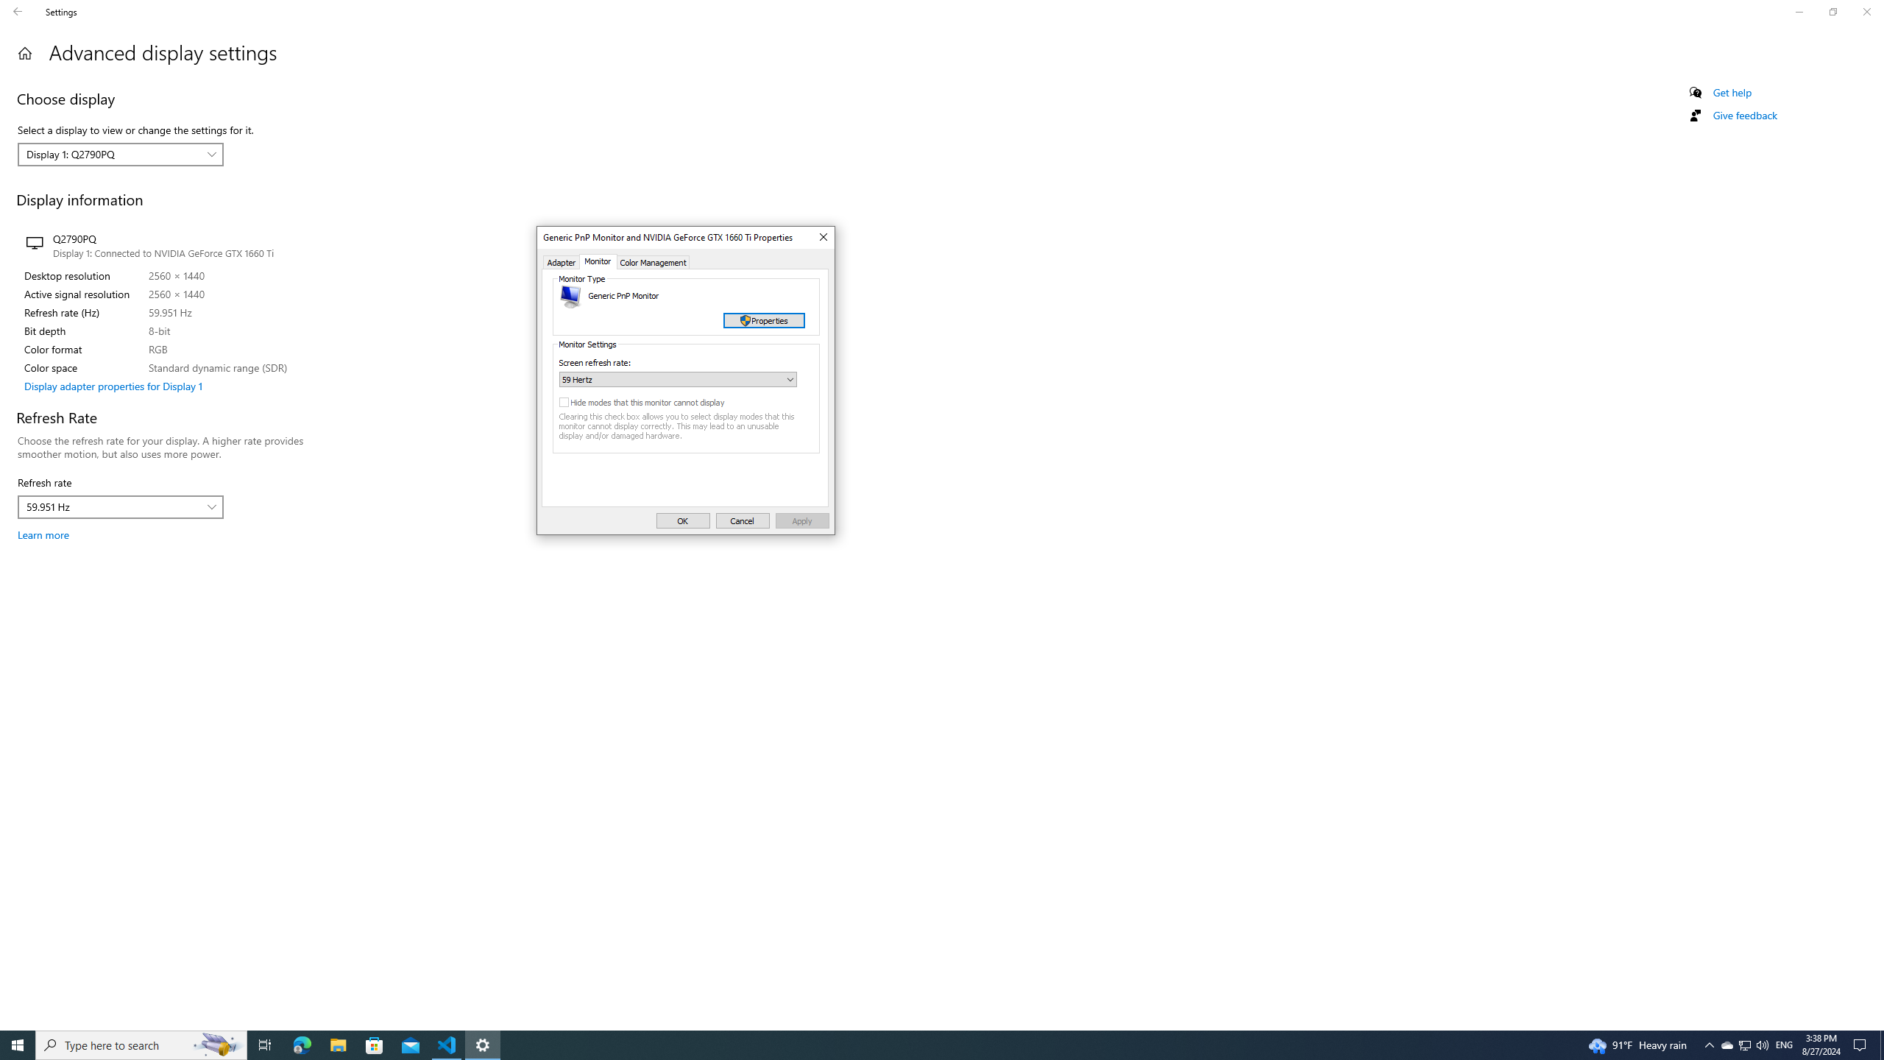  I want to click on 'Hide modes that this monitor cannot display', so click(657, 401).